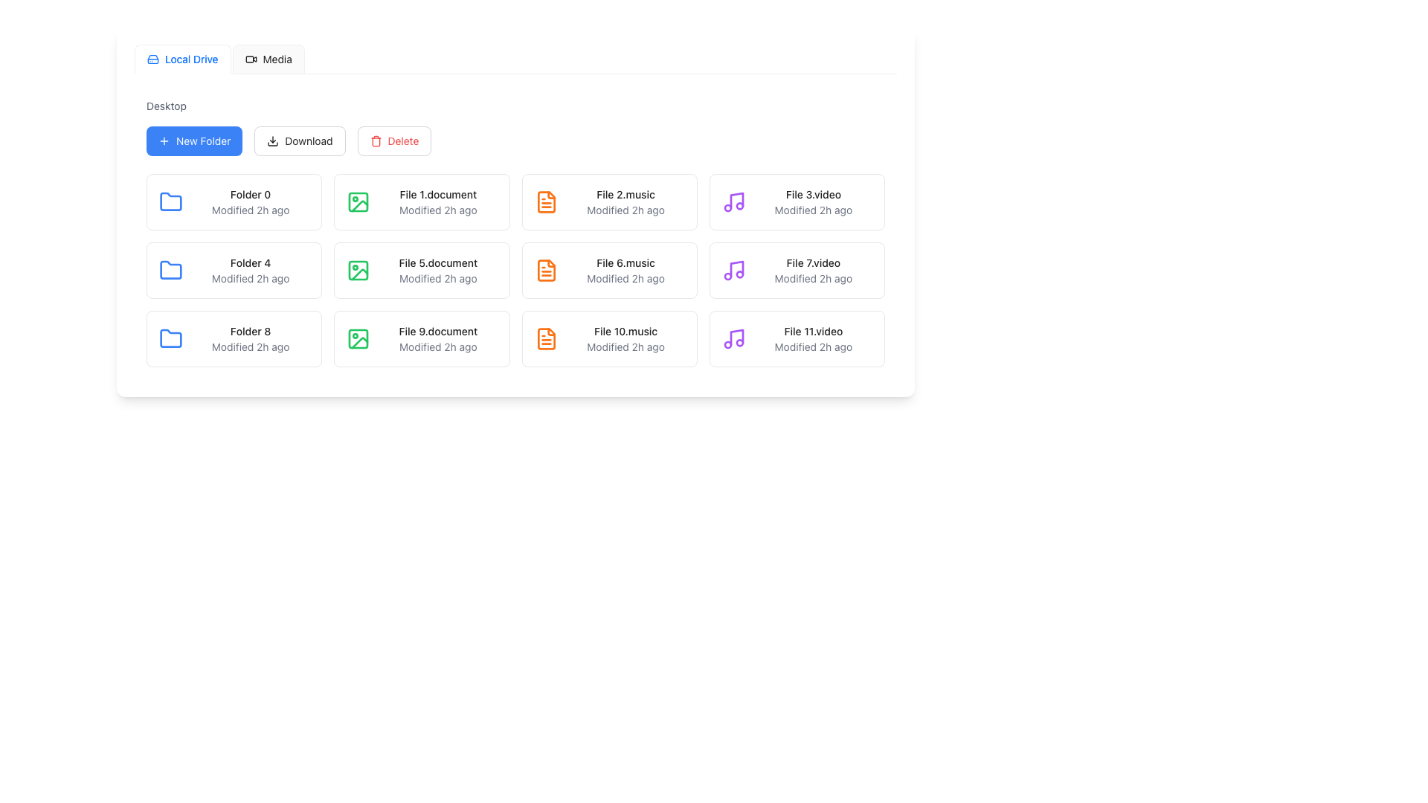 This screenshot has height=803, width=1428. What do you see at coordinates (164, 141) in the screenshot?
I see `the plus sign icon inside the blue rounded rectangle button labeled 'New Folder'` at bounding box center [164, 141].